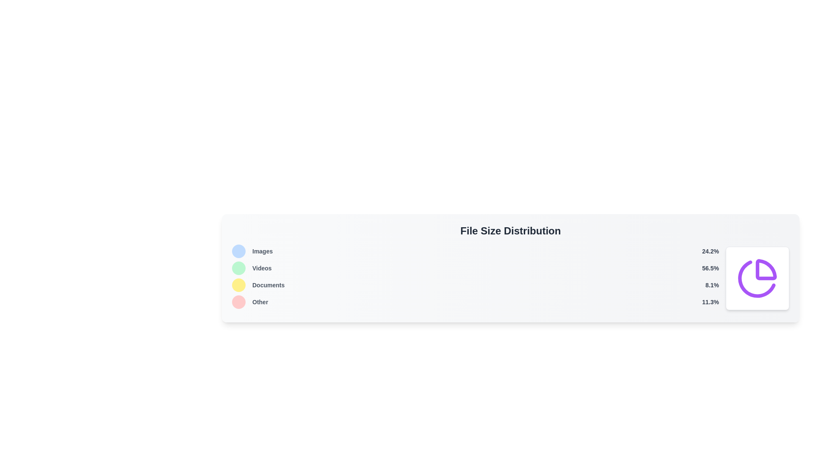 This screenshot has height=457, width=813. What do you see at coordinates (262, 251) in the screenshot?
I see `text label 'Images' which categorizes data visually and is positioned between a circular icon and the percentage text '24.2%' in the upper-left section of the 'File Size Distribution' panel` at bounding box center [262, 251].